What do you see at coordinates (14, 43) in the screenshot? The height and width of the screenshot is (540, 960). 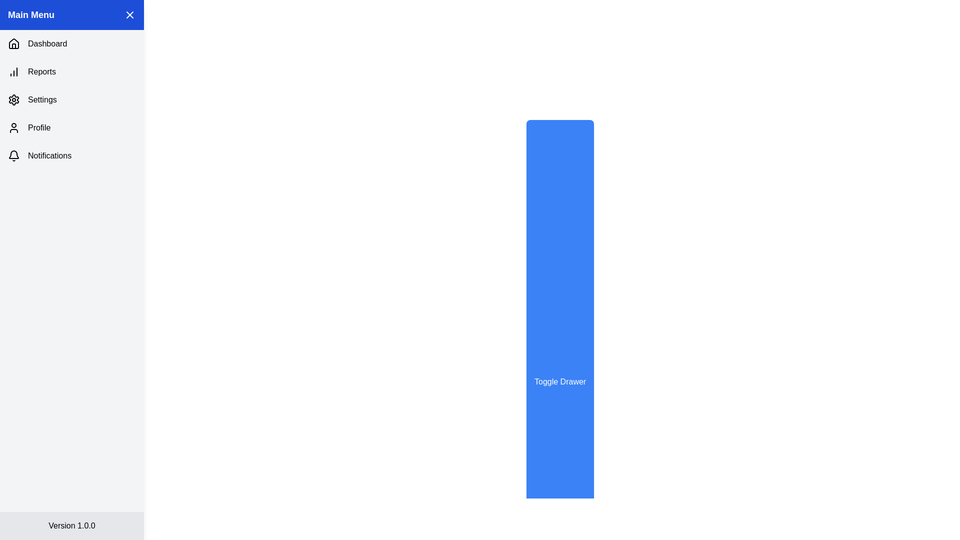 I see `the minimalistic black and white house SVG icon located in the left sidebar menu under the 'Dashboard' button` at bounding box center [14, 43].